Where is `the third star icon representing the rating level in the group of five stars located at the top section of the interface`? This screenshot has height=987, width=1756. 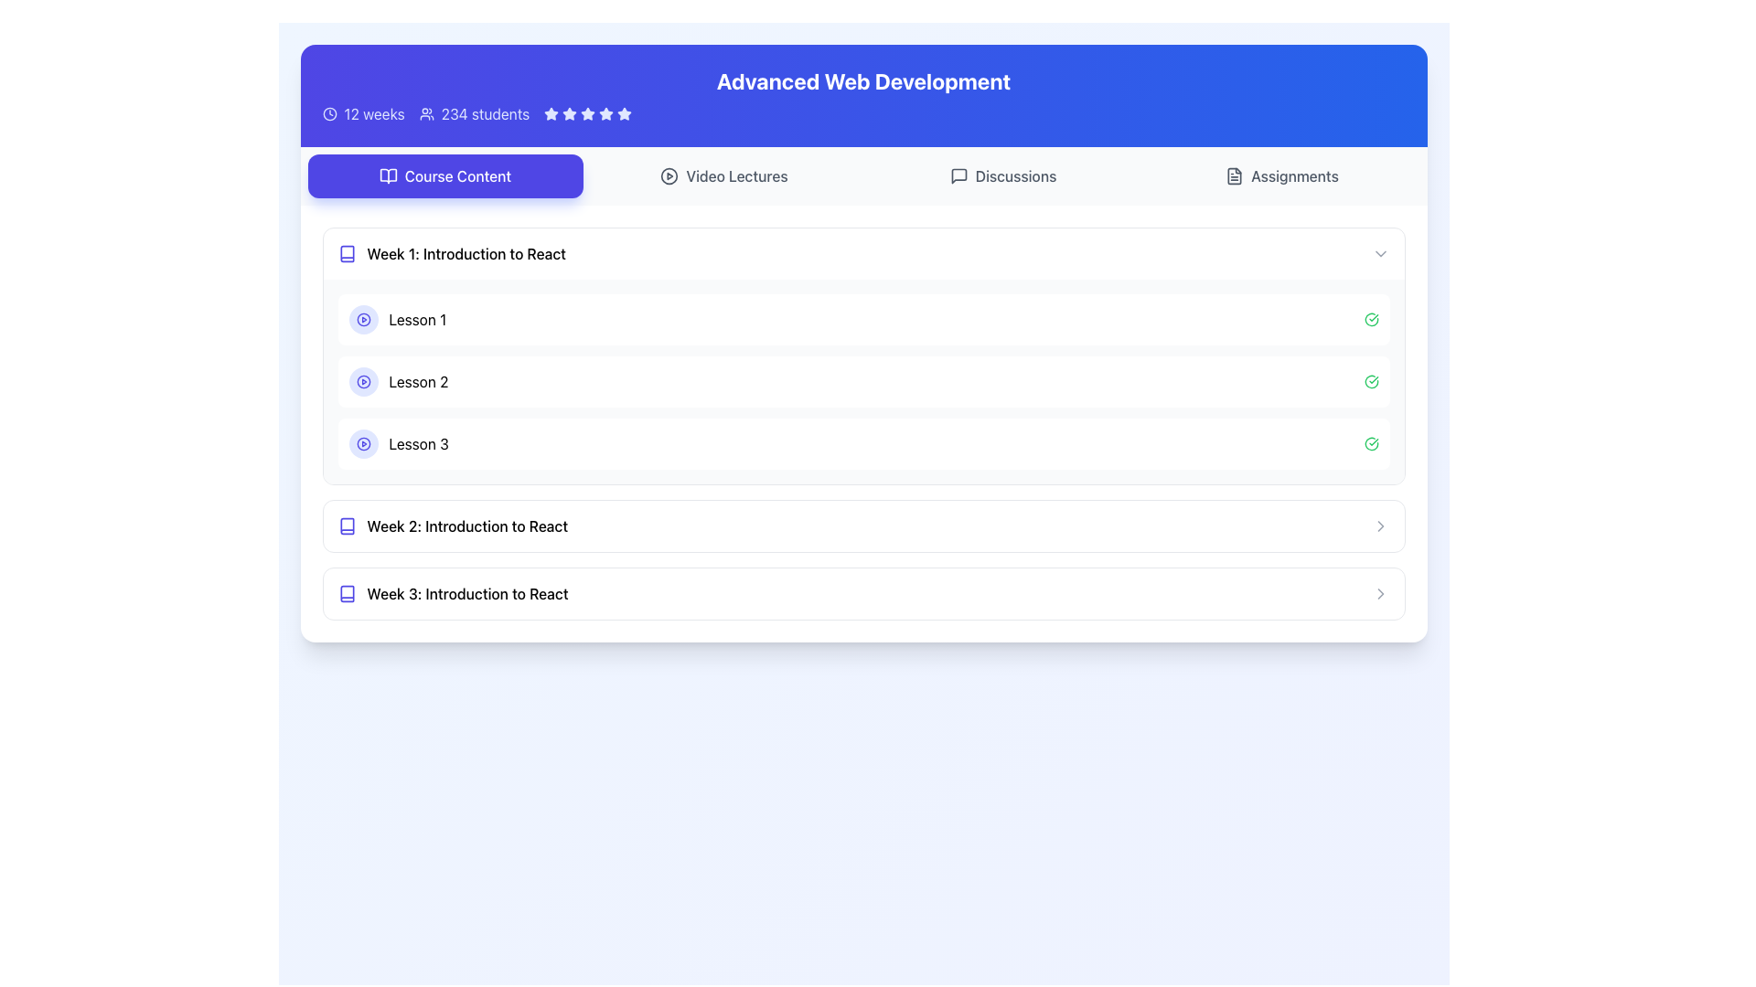
the third star icon representing the rating level in the group of five stars located at the top section of the interface is located at coordinates (569, 113).